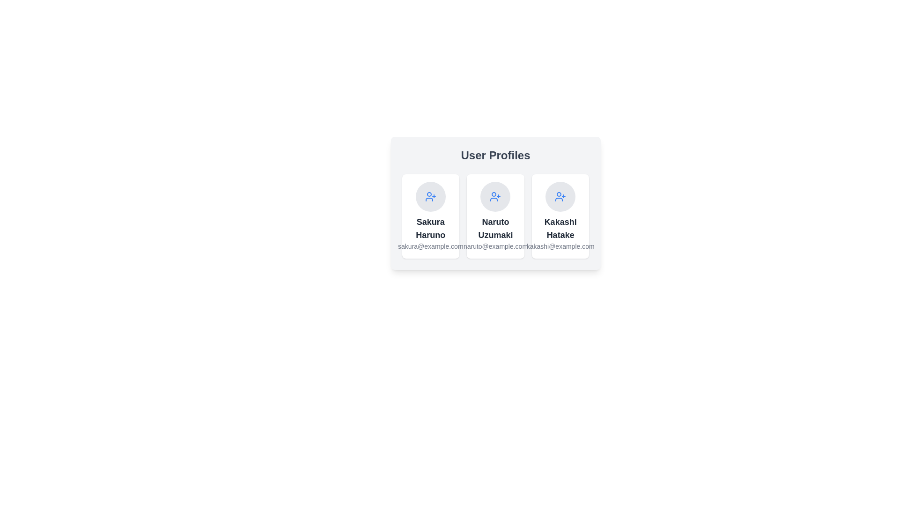 This screenshot has height=506, width=899. I want to click on the text label displaying 'Sakura Haruno', so click(430, 229).